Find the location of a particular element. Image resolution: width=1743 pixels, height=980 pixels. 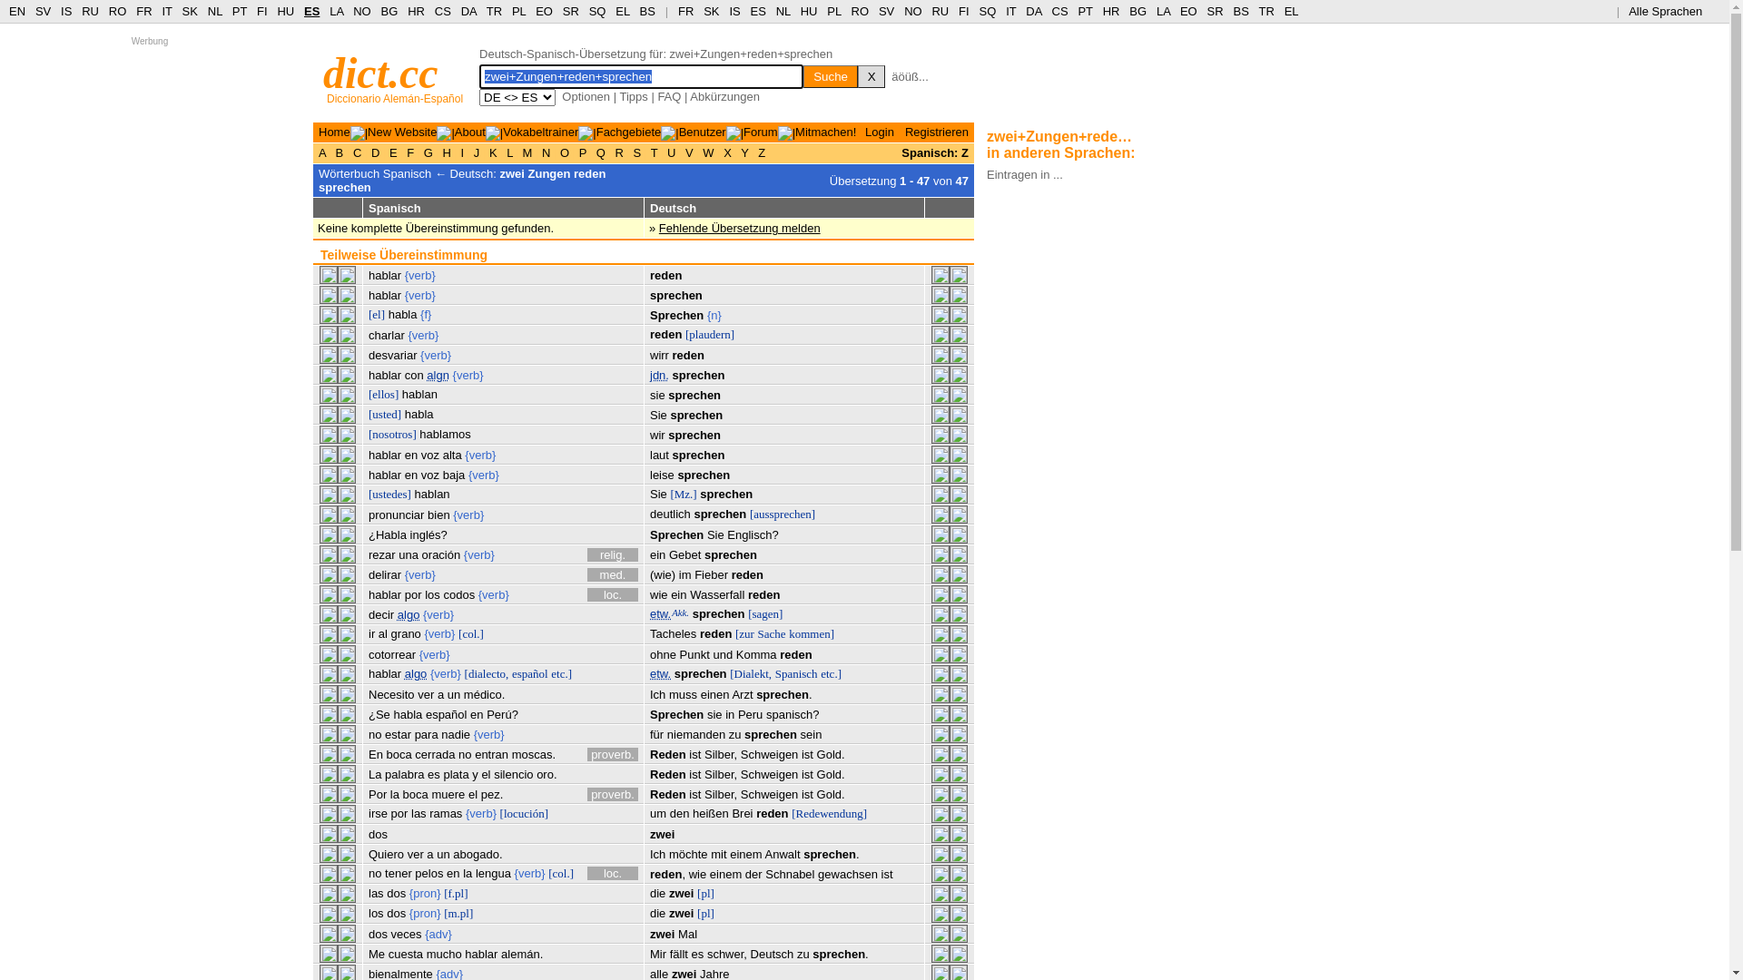

'U' is located at coordinates (662, 152).